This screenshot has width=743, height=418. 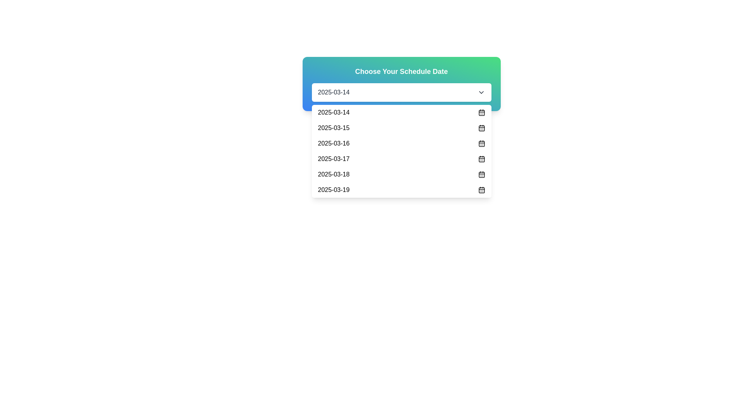 What do you see at coordinates (481, 190) in the screenshot?
I see `the small calendar icon with rounded corners, positioned to the right of the date '2025-03-19' in the dropdown menu` at bounding box center [481, 190].